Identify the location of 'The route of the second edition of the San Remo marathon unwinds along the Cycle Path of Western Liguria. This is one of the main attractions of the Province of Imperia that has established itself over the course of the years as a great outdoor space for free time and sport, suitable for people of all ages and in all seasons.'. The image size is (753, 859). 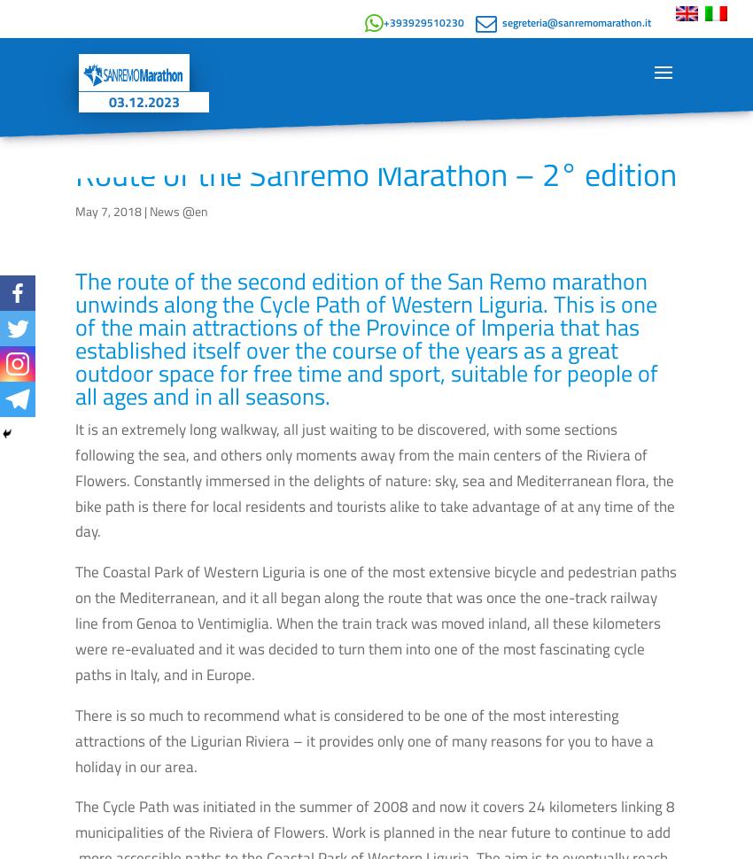
(367, 337).